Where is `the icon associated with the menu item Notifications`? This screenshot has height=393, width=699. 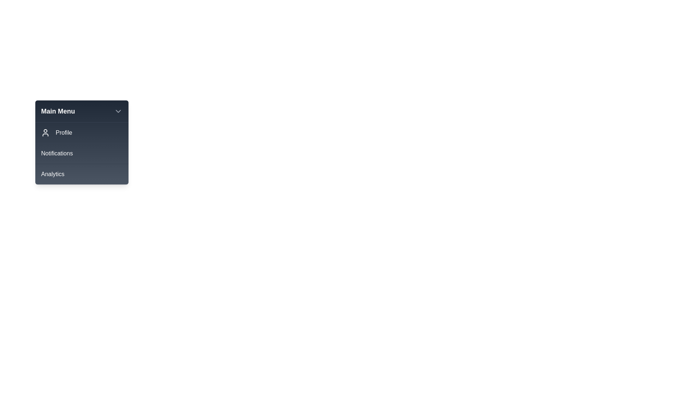 the icon associated with the menu item Notifications is located at coordinates (45, 153).